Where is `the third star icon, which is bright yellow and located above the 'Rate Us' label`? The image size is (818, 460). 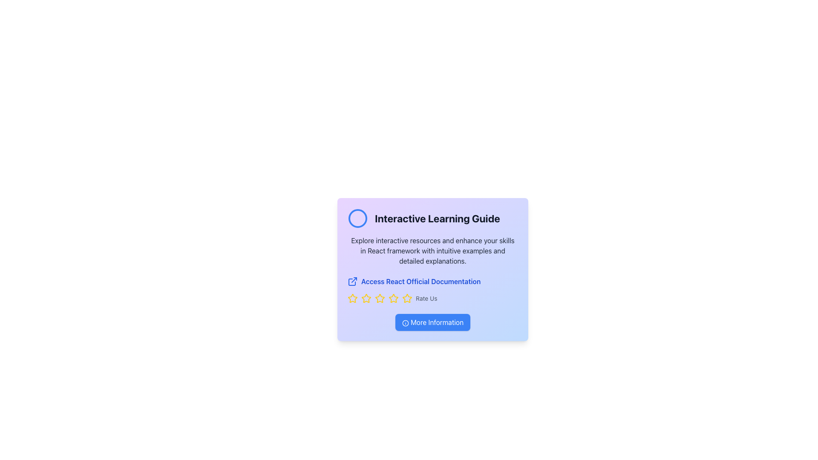 the third star icon, which is bright yellow and located above the 'Rate Us' label is located at coordinates (380, 298).